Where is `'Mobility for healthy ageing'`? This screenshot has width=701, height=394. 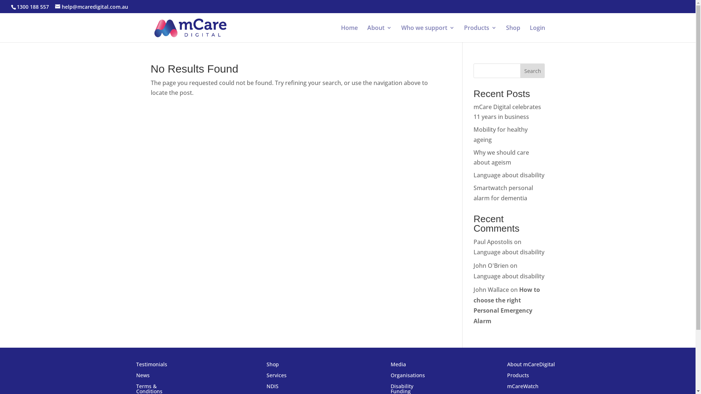
'Mobility for healthy ageing' is located at coordinates (500, 134).